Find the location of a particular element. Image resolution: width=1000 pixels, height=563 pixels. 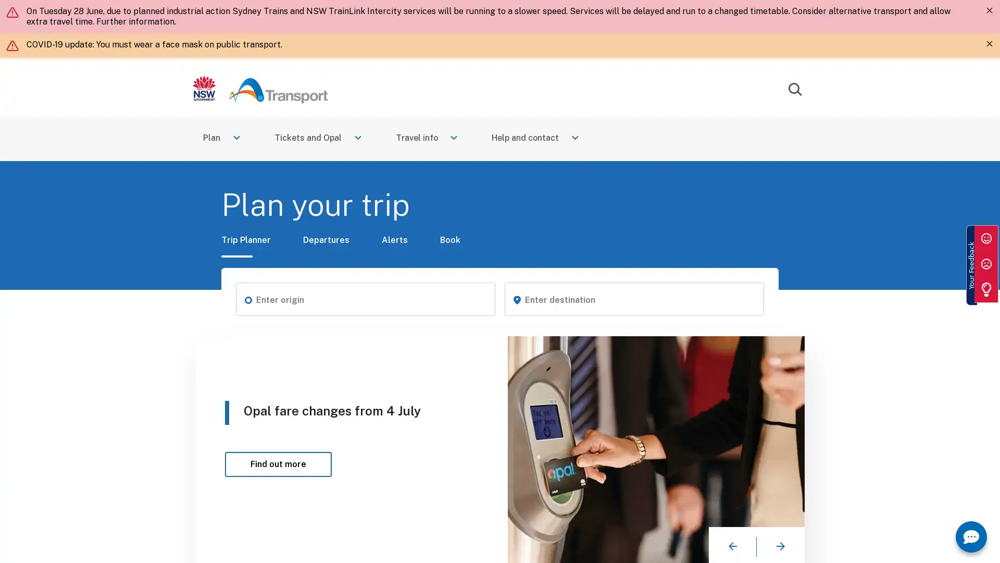

search for stops is located at coordinates (517, 299).